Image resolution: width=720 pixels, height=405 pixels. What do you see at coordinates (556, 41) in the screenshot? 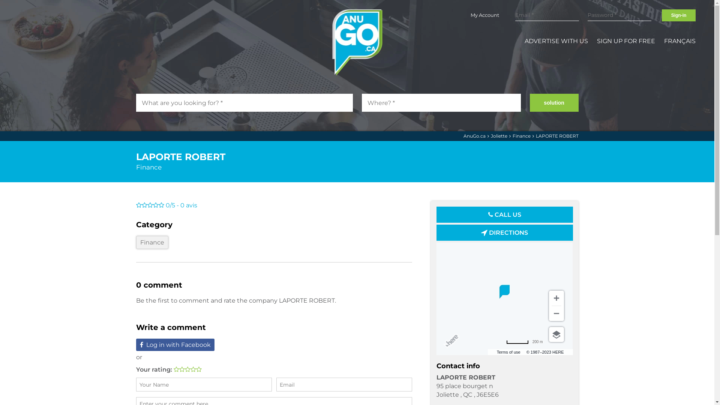
I see `'ADVERTISE WITH US'` at bounding box center [556, 41].